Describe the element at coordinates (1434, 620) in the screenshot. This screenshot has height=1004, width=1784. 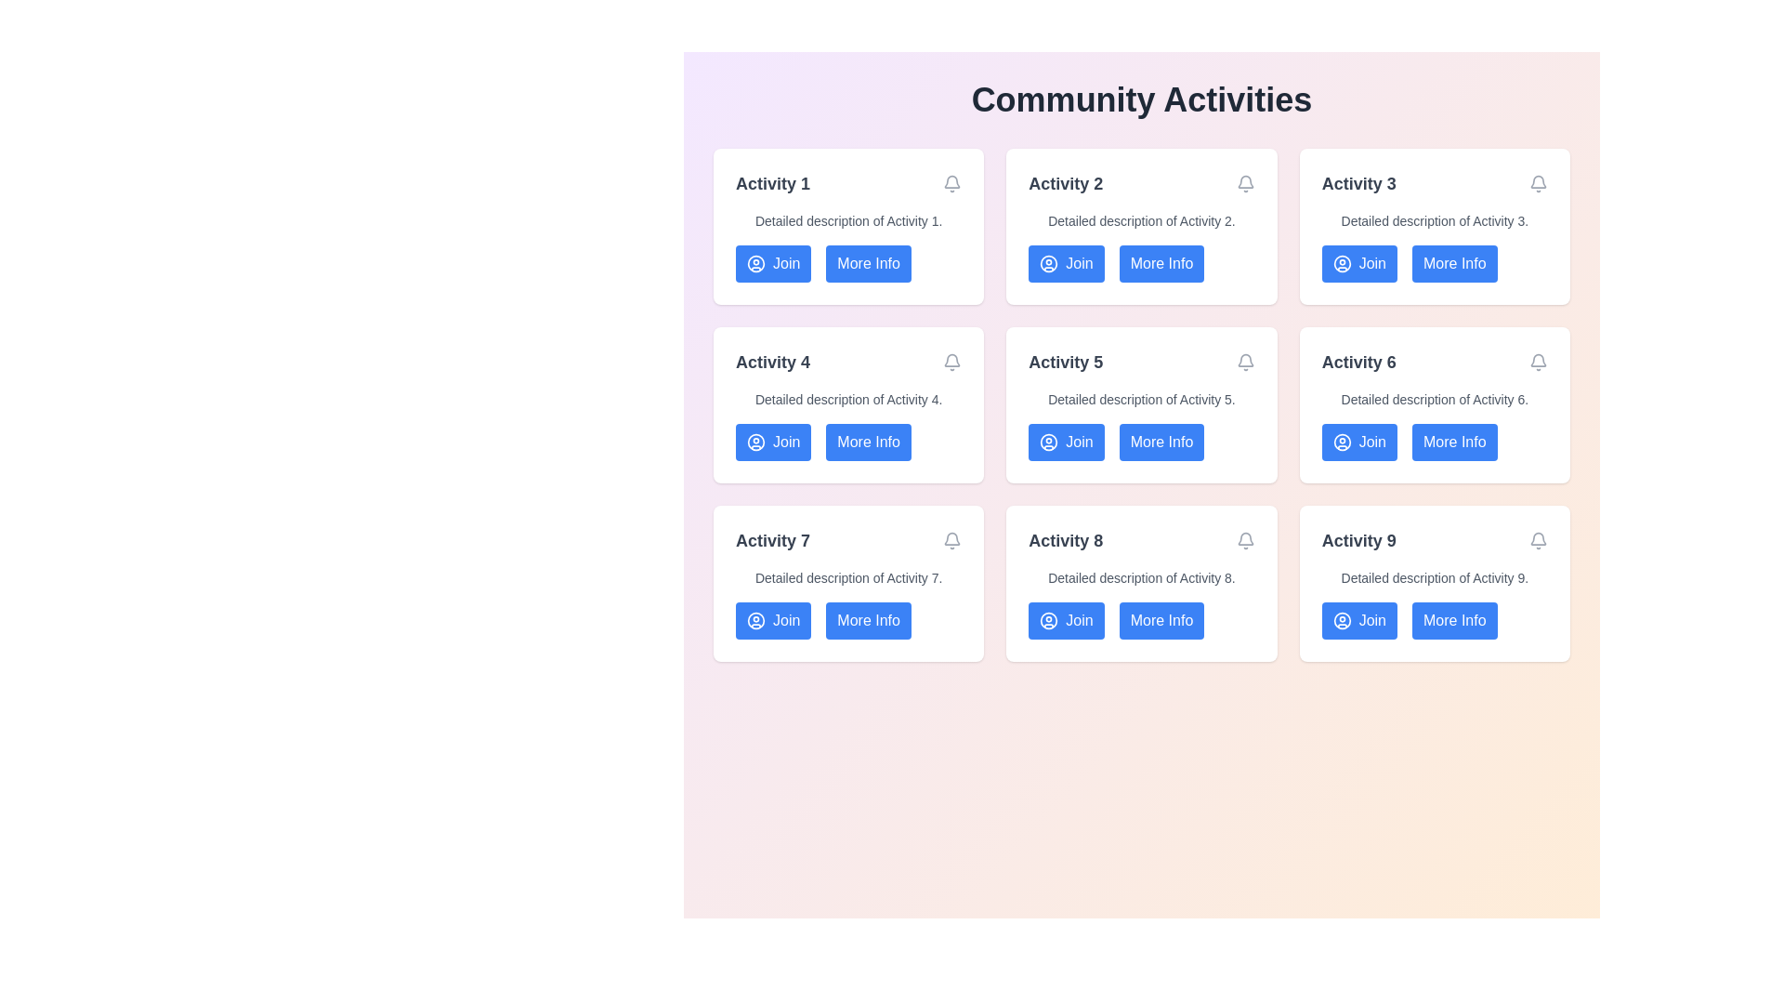
I see `the button located to the right of the 'Join' button within the 'Activity 9' component` at that location.